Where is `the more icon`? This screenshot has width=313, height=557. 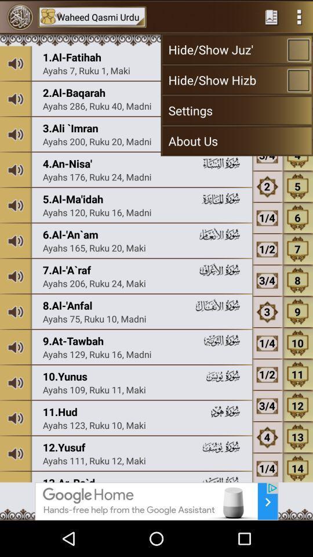
the more icon is located at coordinates (299, 17).